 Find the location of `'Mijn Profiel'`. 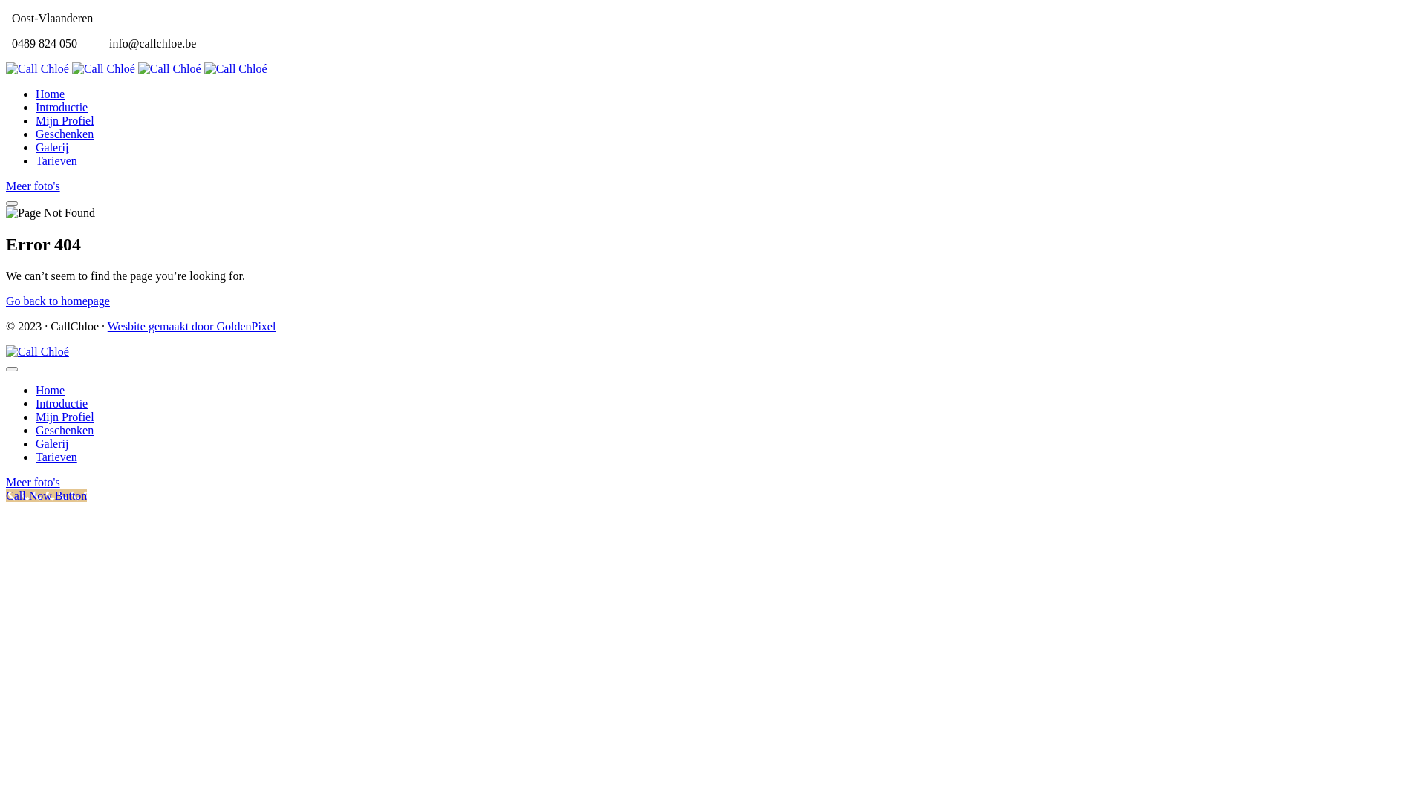

'Mijn Profiel' is located at coordinates (64, 120).